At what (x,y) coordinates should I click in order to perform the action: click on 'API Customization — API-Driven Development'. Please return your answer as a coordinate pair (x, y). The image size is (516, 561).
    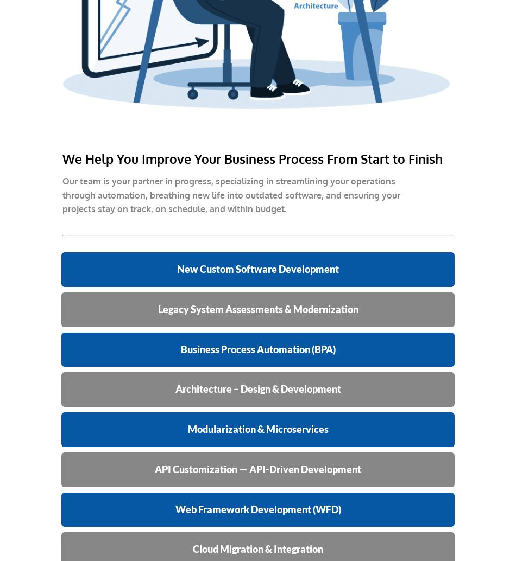
    Looking at the image, I should click on (258, 468).